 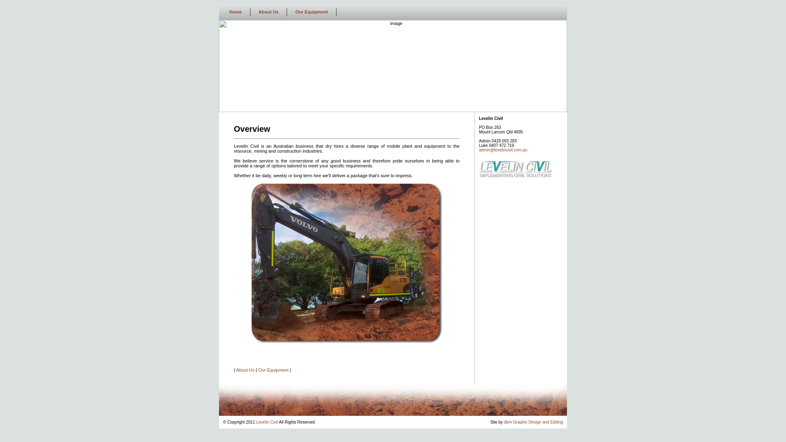 I want to click on 'admin@levelincivil.com.au', so click(x=502, y=150).